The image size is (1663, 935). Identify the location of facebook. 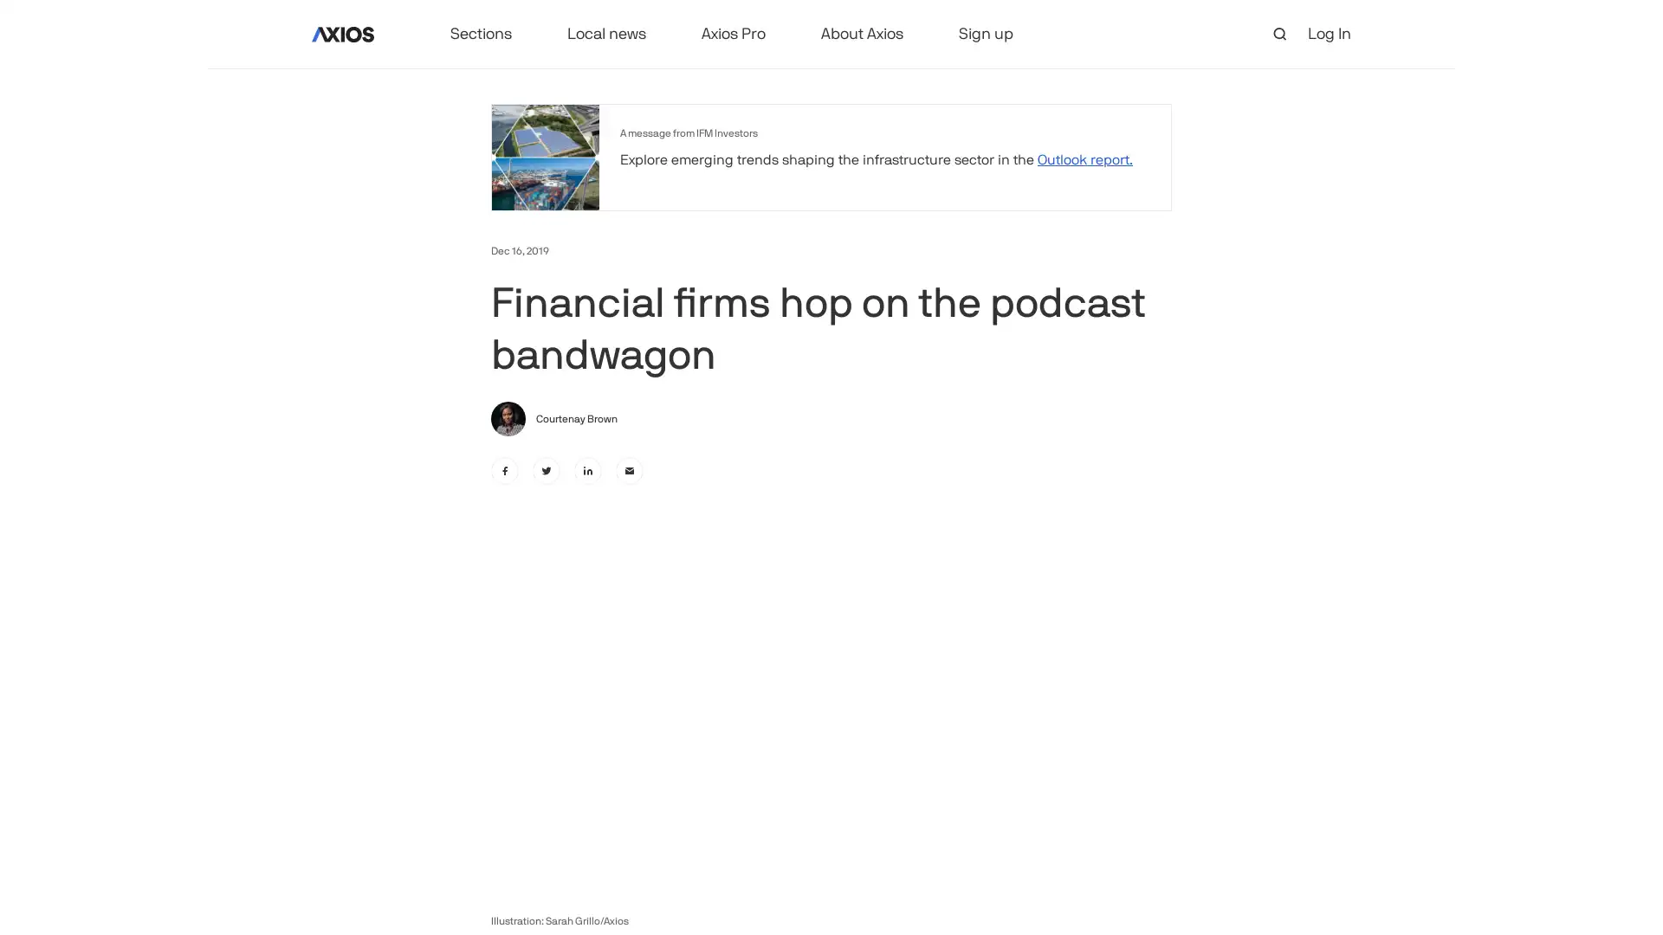
(502, 470).